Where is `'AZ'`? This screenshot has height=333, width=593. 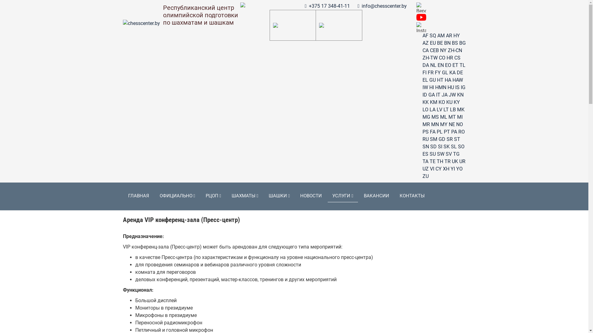 'AZ' is located at coordinates (425, 43).